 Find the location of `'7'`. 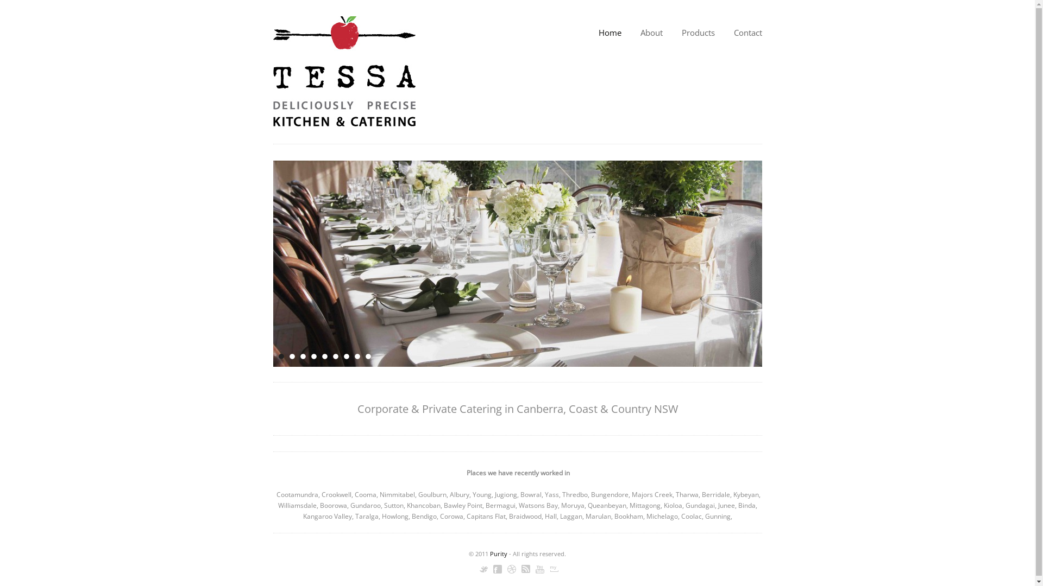

'7' is located at coordinates (345, 356).